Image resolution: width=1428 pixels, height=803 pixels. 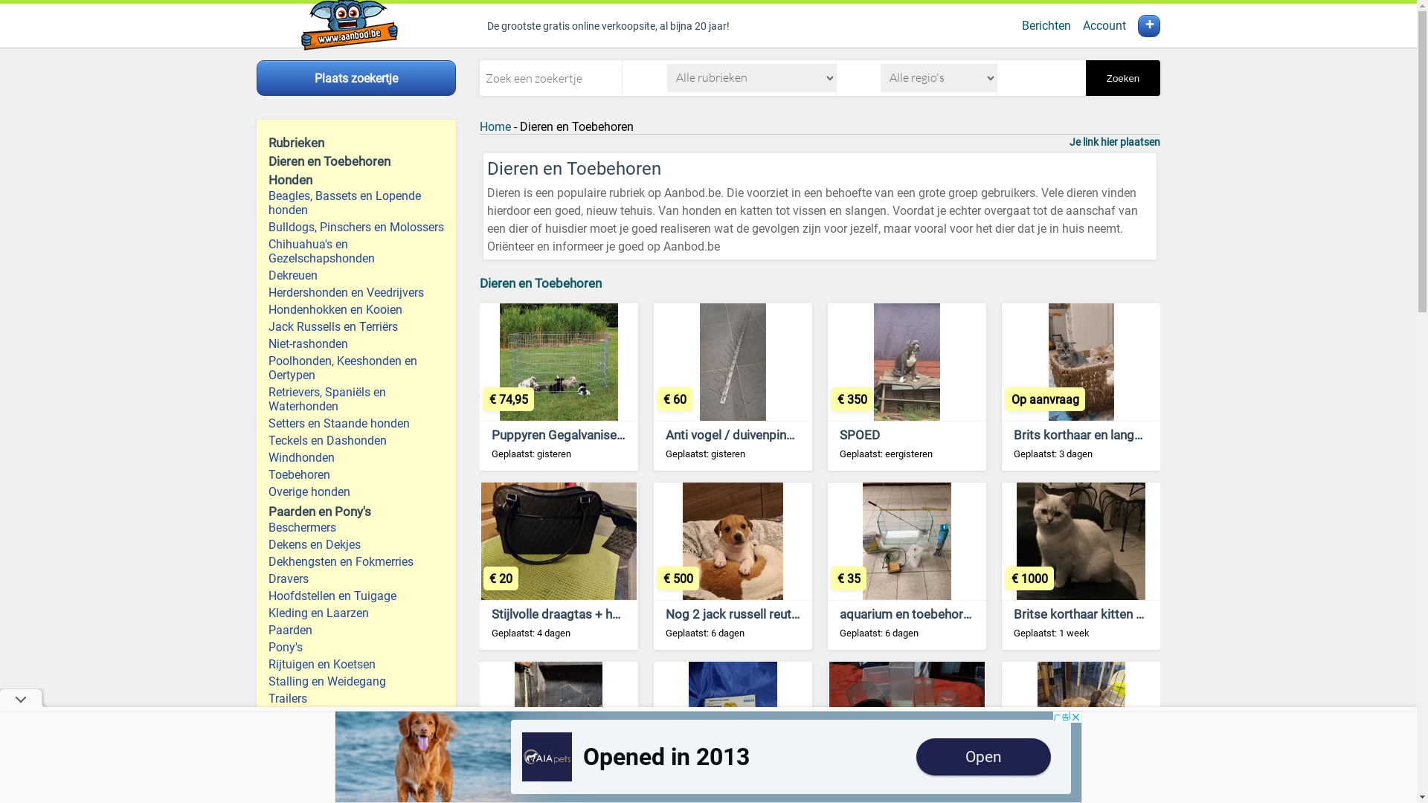 What do you see at coordinates (1045, 25) in the screenshot?
I see `'Berichten'` at bounding box center [1045, 25].